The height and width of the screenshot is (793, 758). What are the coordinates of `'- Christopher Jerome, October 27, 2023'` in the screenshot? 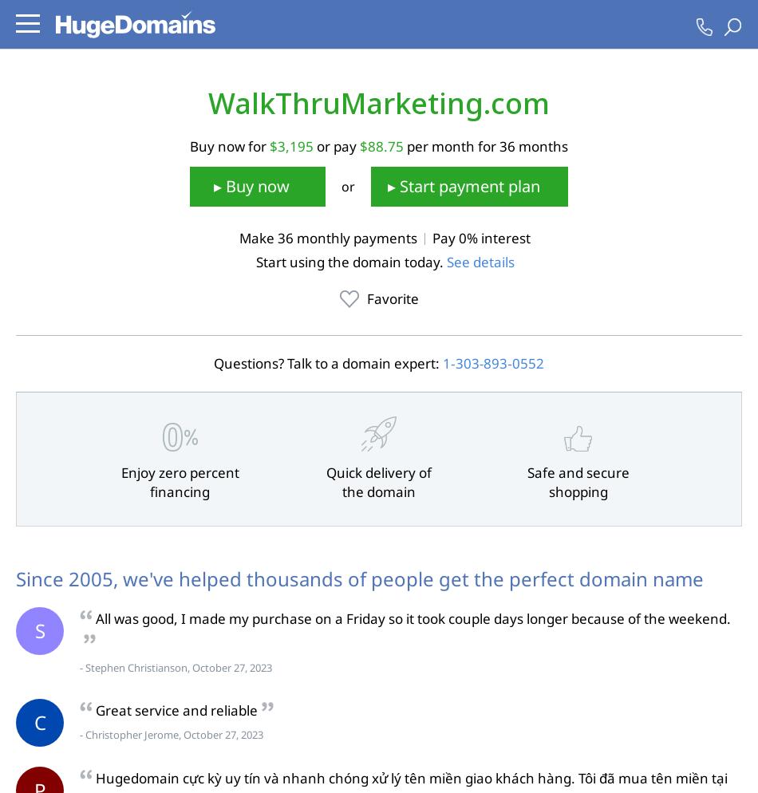 It's located at (171, 734).